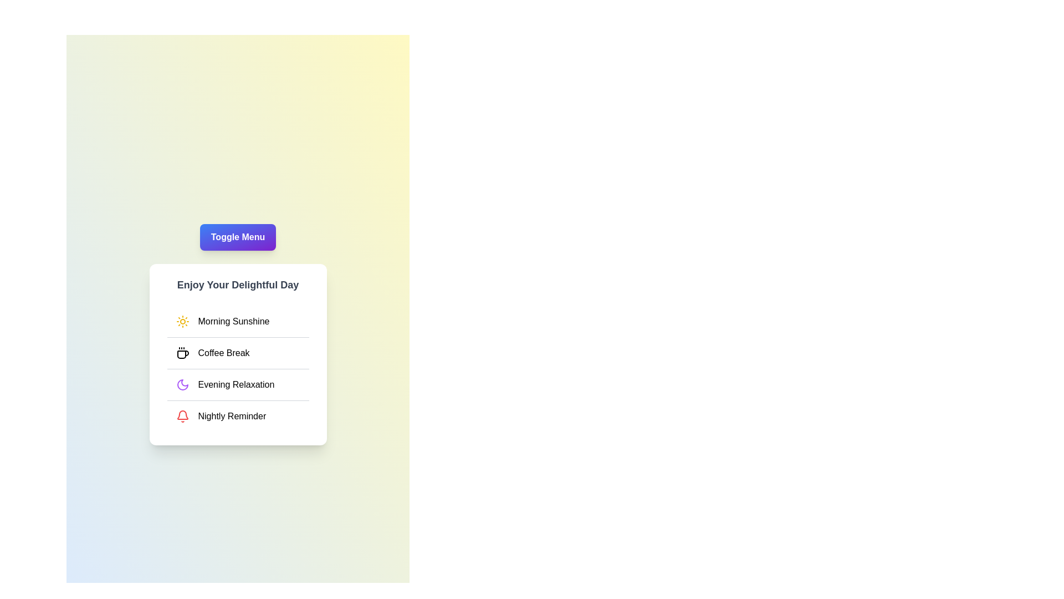  Describe the element at coordinates (237, 415) in the screenshot. I see `the menu item Nightly Reminder` at that location.